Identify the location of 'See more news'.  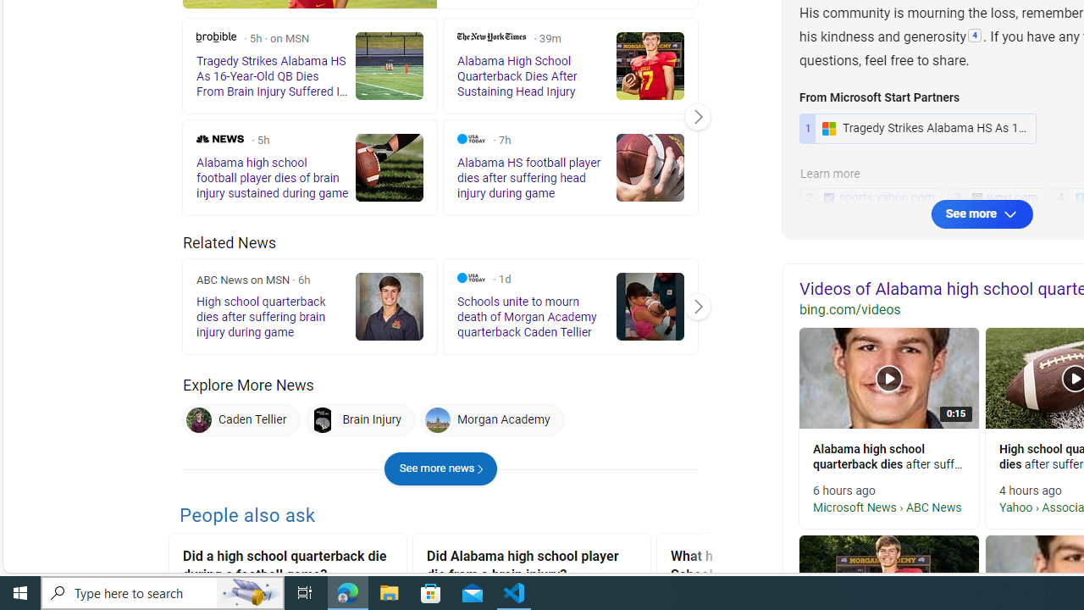
(440, 469).